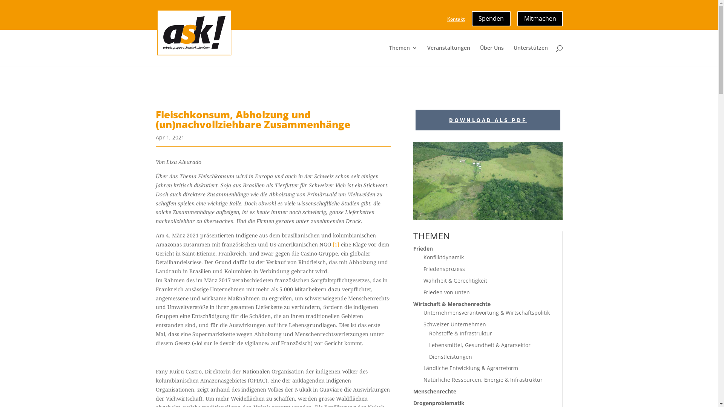  I want to click on 'Mitmachen', so click(540, 16).